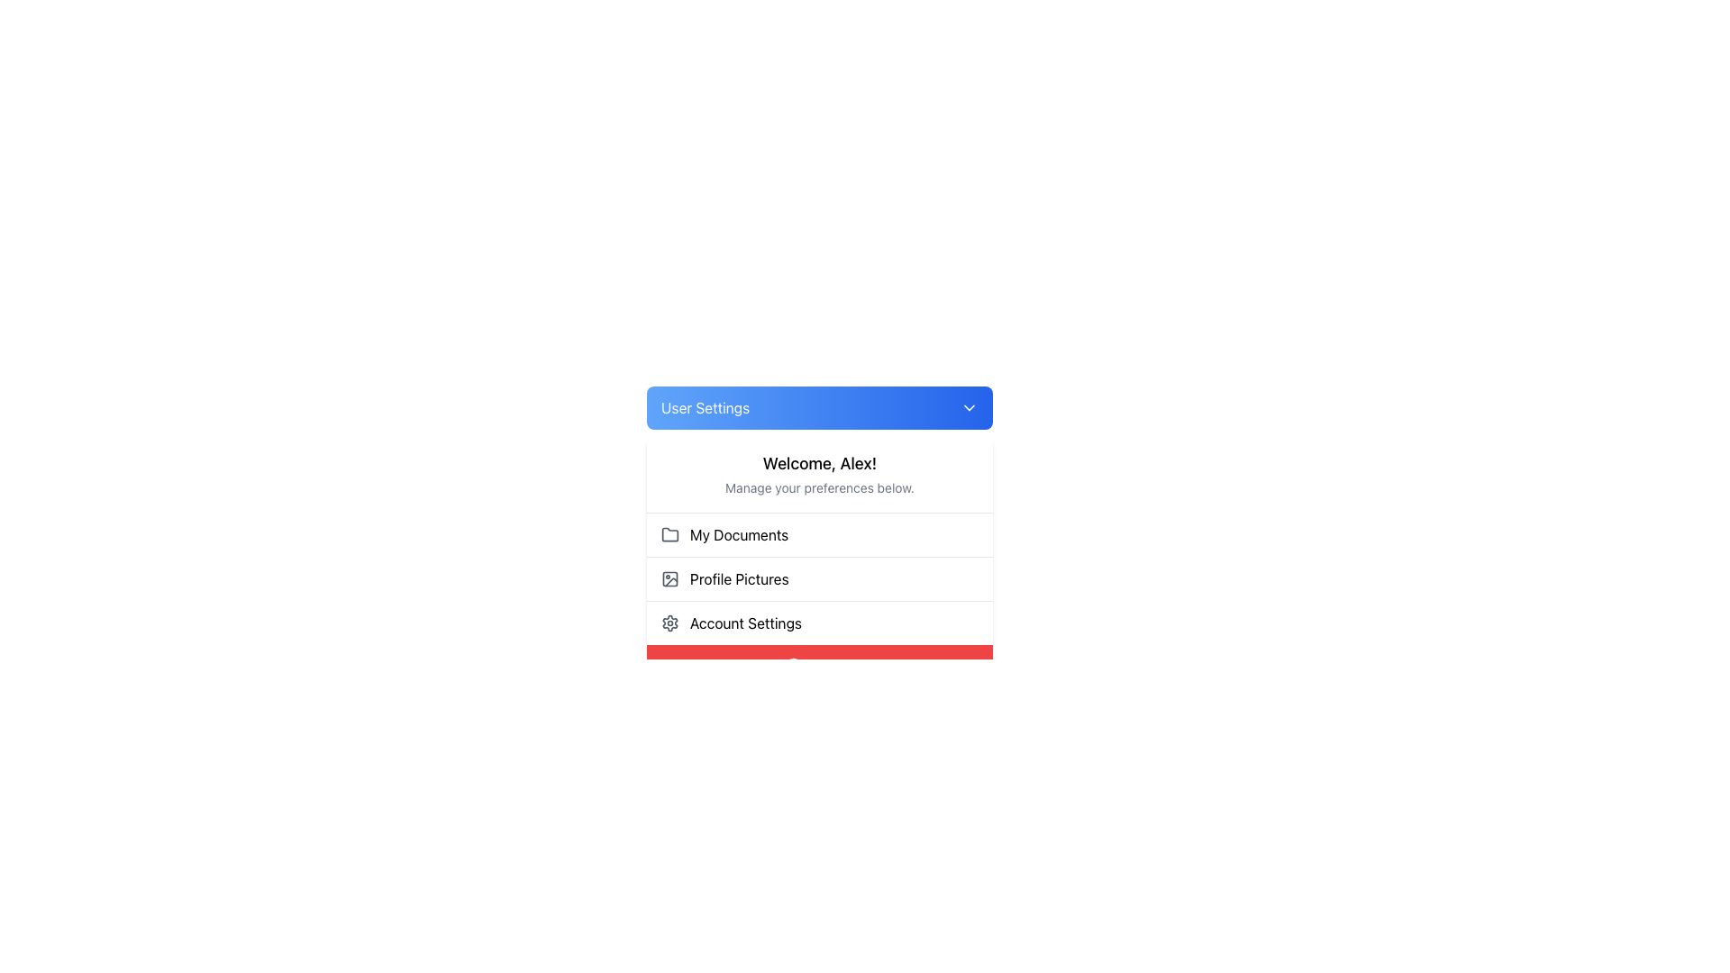 Image resolution: width=1730 pixels, height=973 pixels. Describe the element at coordinates (819, 578) in the screenshot. I see `the second item in the 'User Settings' section, which provides access to settings for managing user profile pictures` at that location.